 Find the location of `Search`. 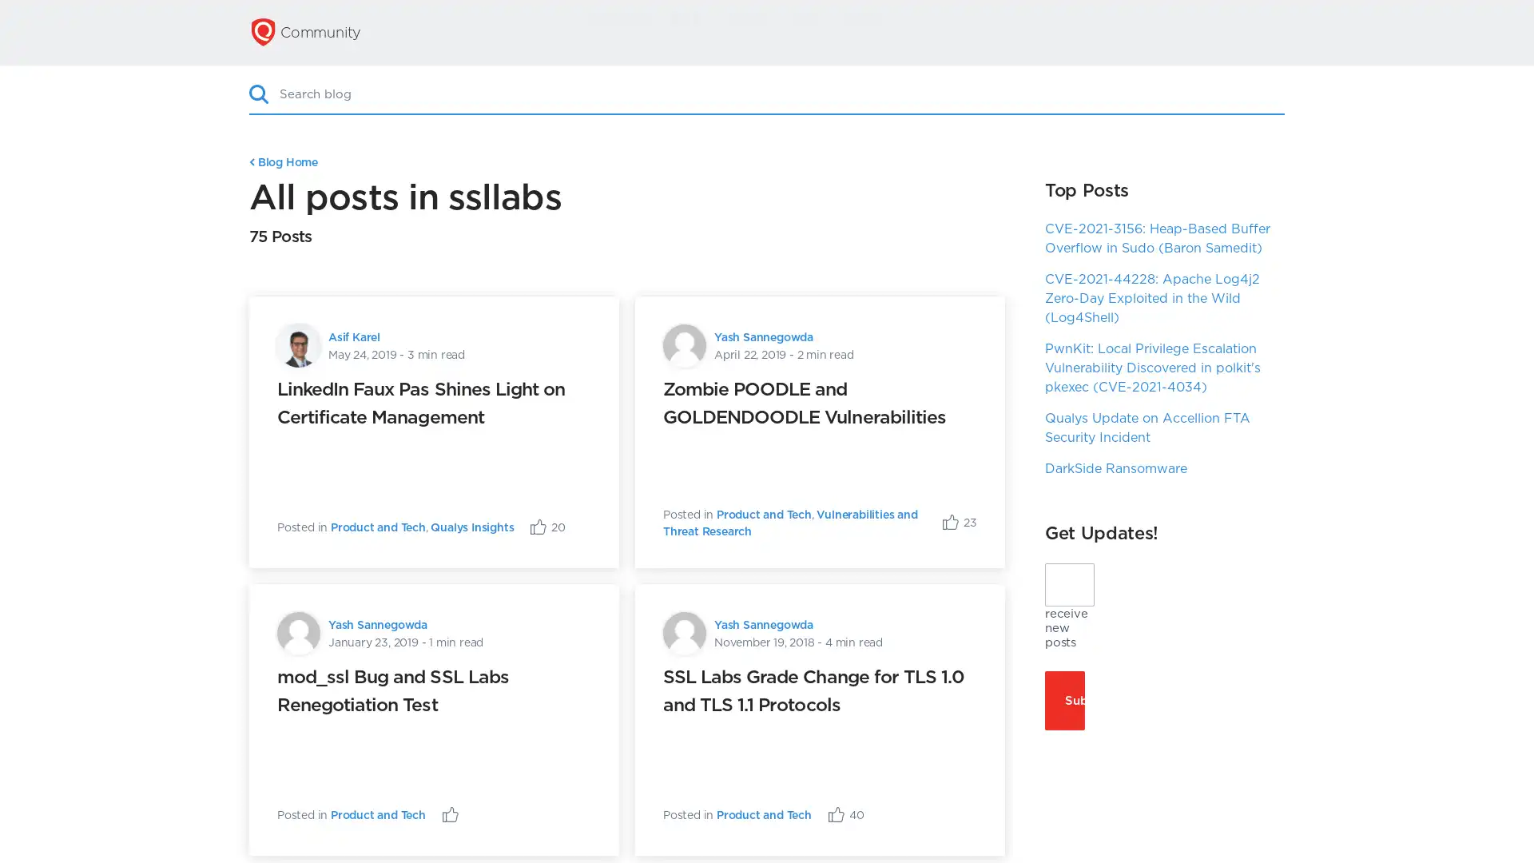

Search is located at coordinates (260, 95).